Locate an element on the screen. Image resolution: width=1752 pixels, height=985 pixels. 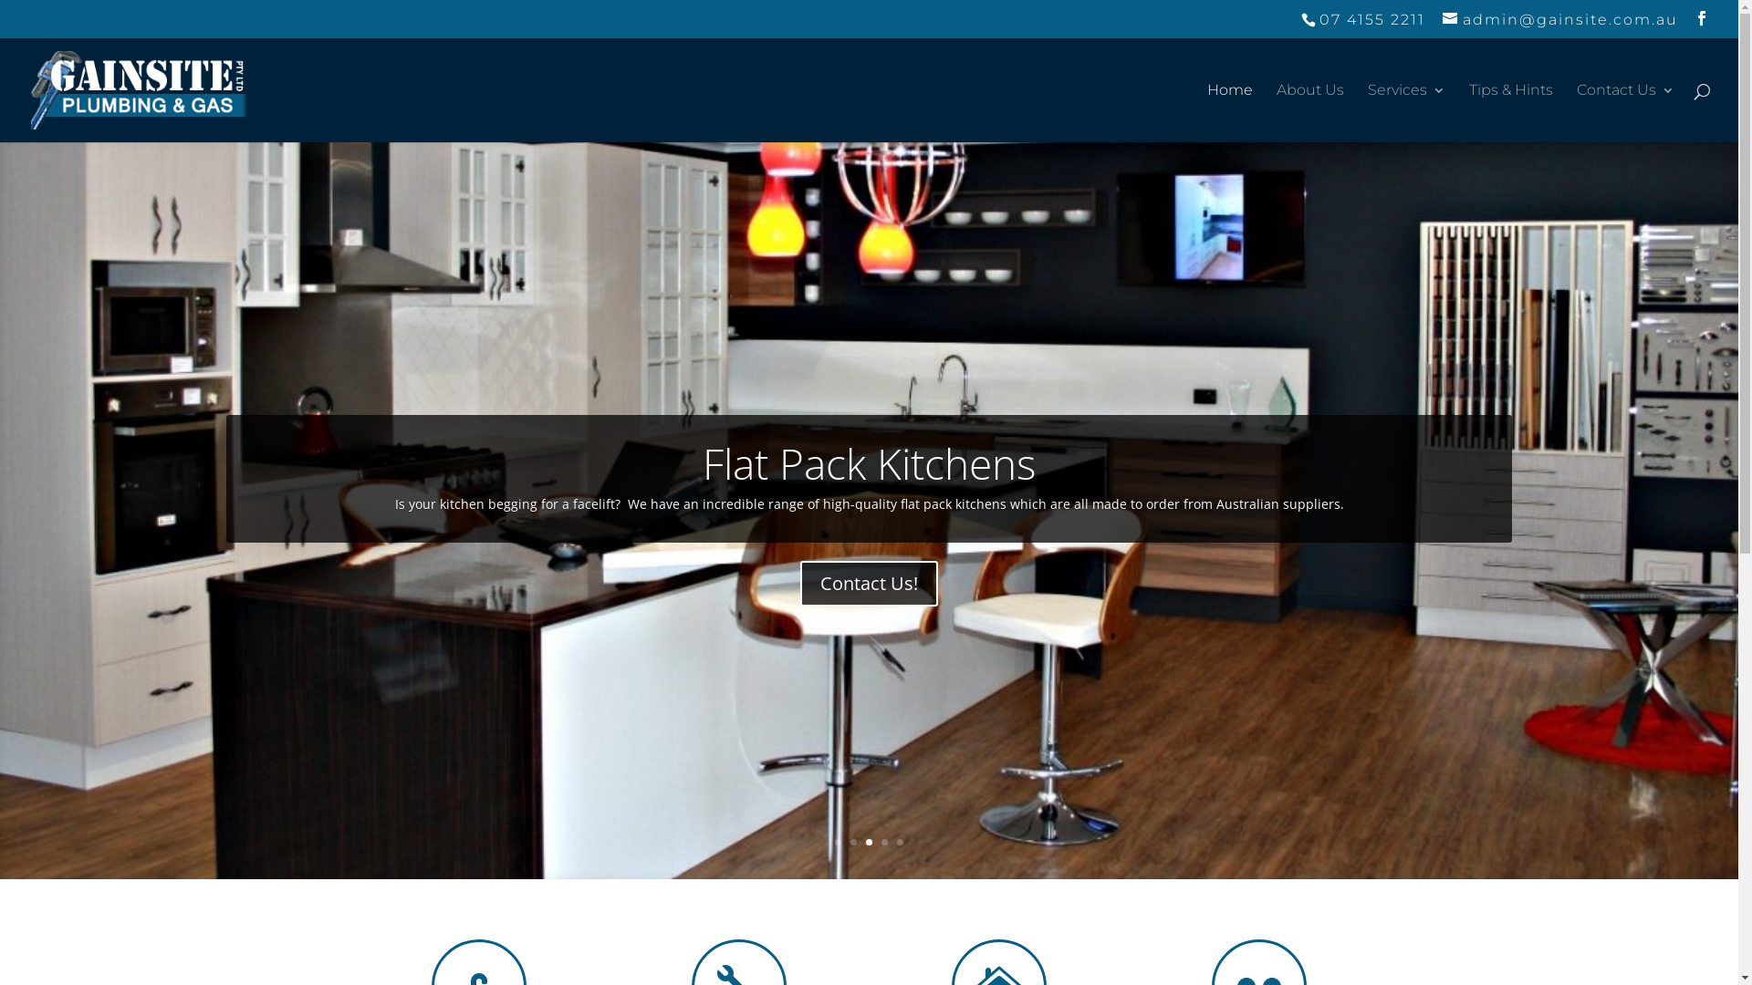
'4' is located at coordinates (884, 842).